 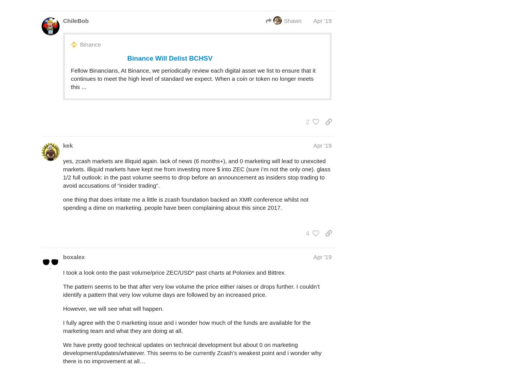 What do you see at coordinates (68, 145) in the screenshot?
I see `'kek'` at bounding box center [68, 145].